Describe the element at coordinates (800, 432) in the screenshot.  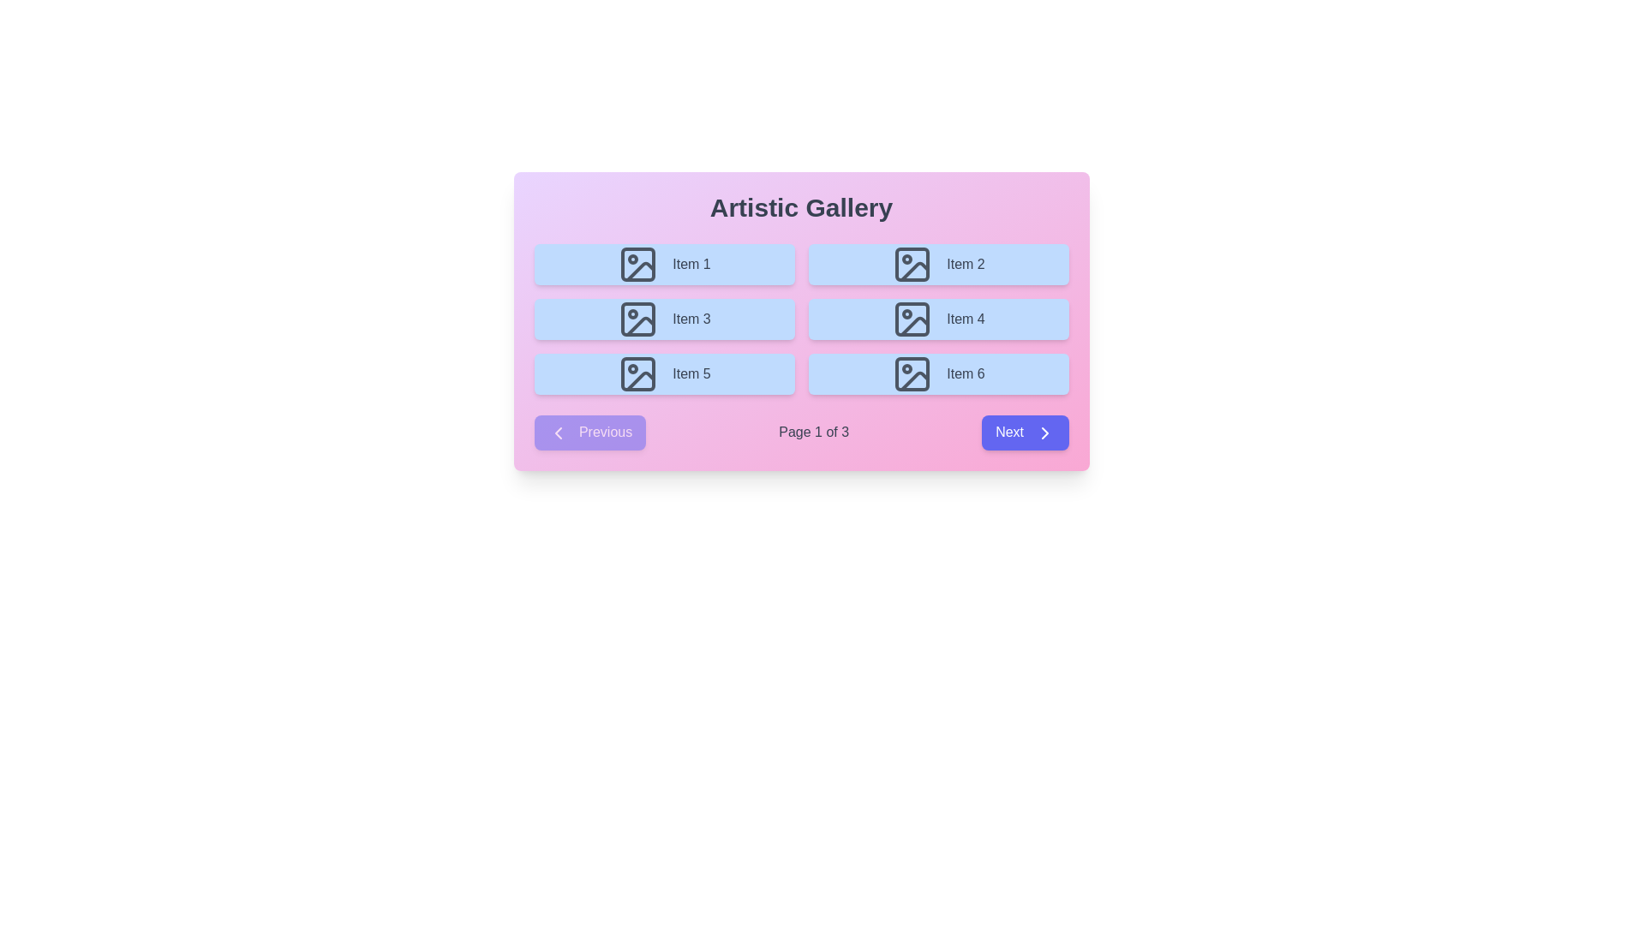
I see `current page number displayed in the center of the pagination control located at the bottom of the card containing the 'Artistic Gallery' header` at that location.